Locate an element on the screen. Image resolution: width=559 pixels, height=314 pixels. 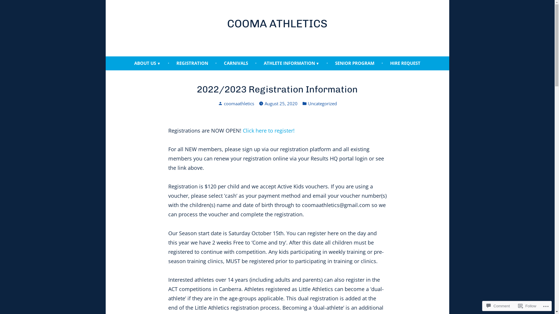
'ABOUT US' is located at coordinates (147, 63).